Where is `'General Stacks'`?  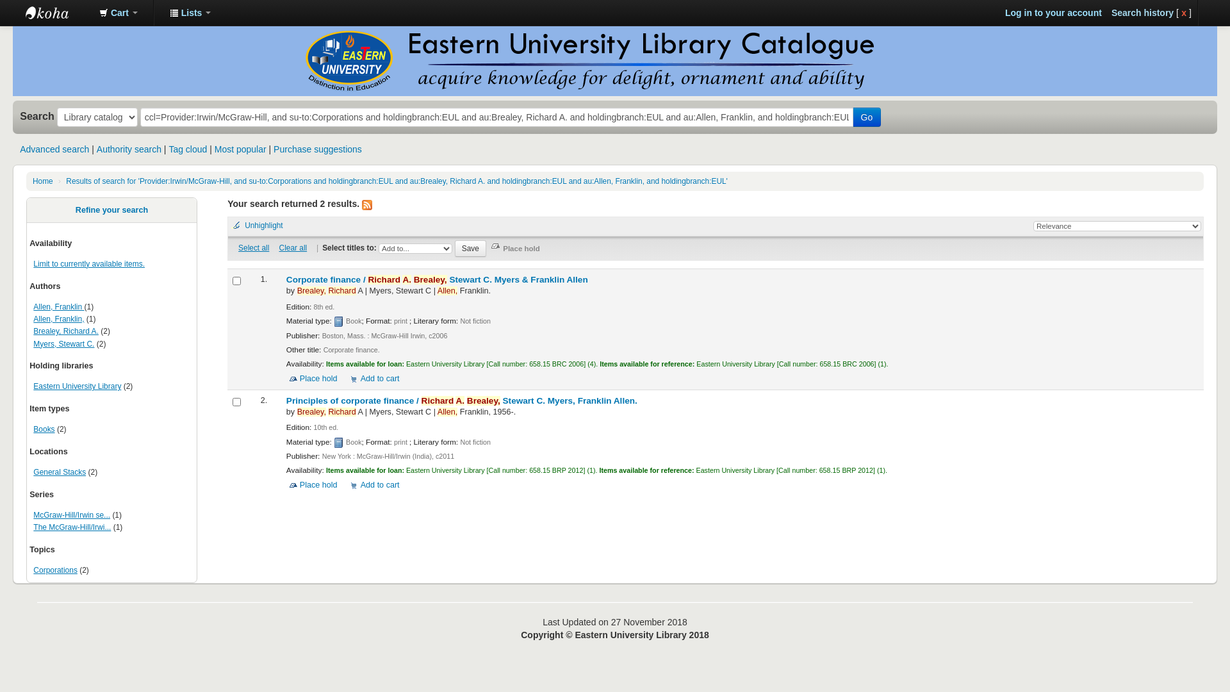
'General Stacks' is located at coordinates (33, 472).